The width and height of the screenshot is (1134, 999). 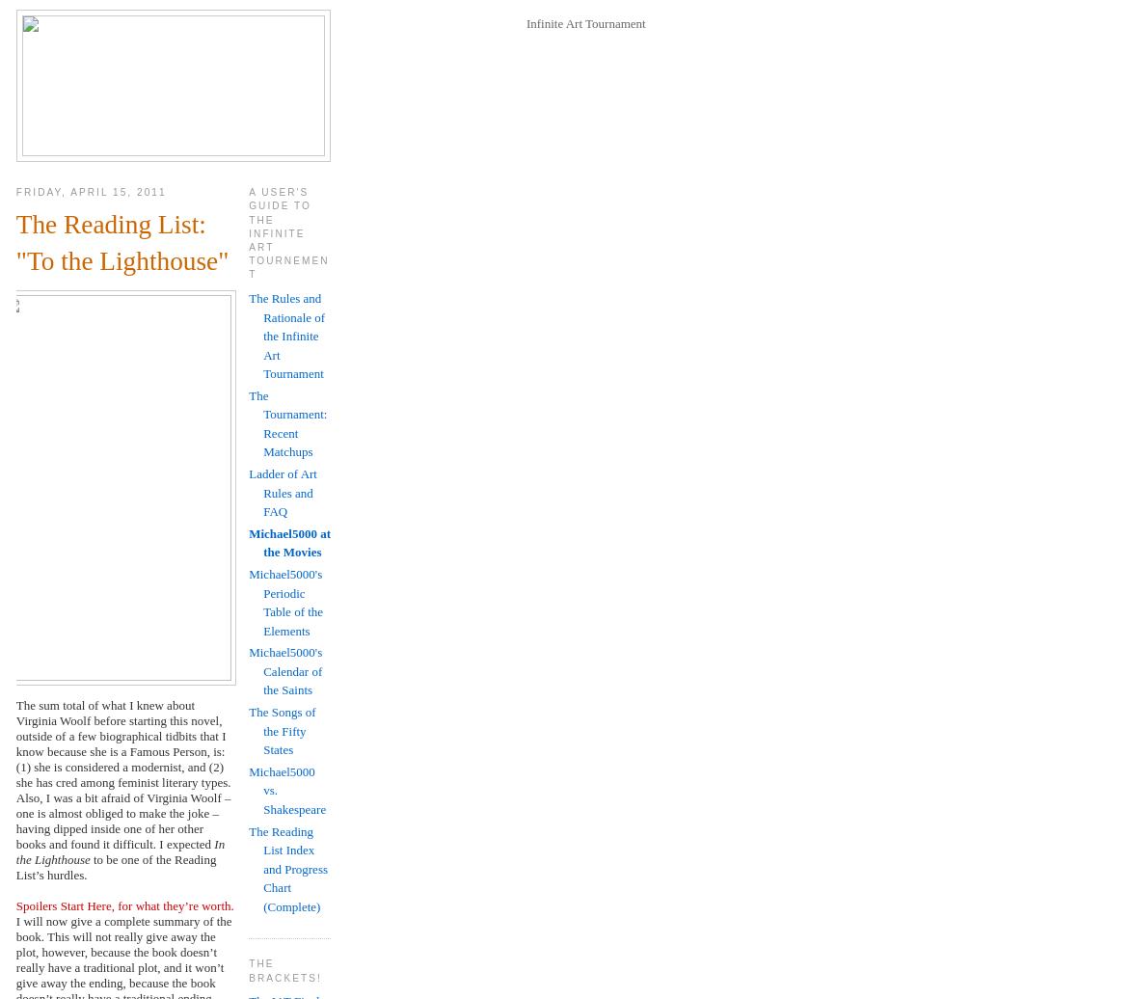 I want to click on 'The Tournament: Recent Matchups', so click(x=287, y=422).